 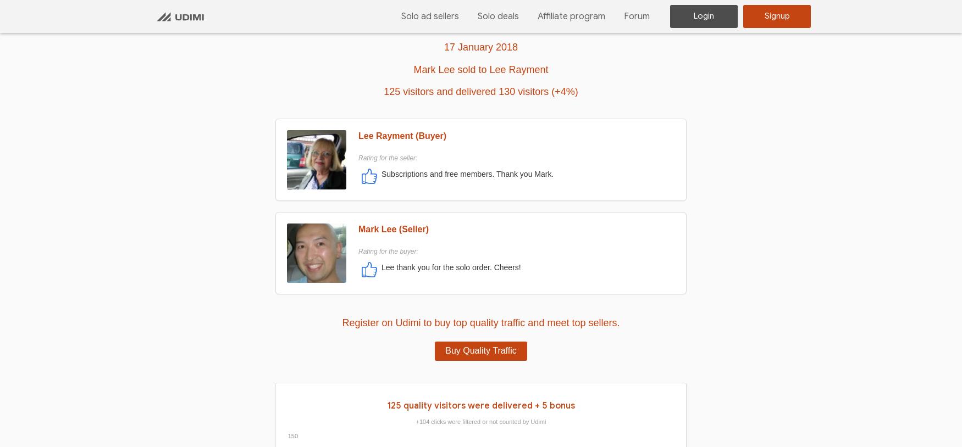 I want to click on 'Solo ad sellers', so click(x=429, y=15).